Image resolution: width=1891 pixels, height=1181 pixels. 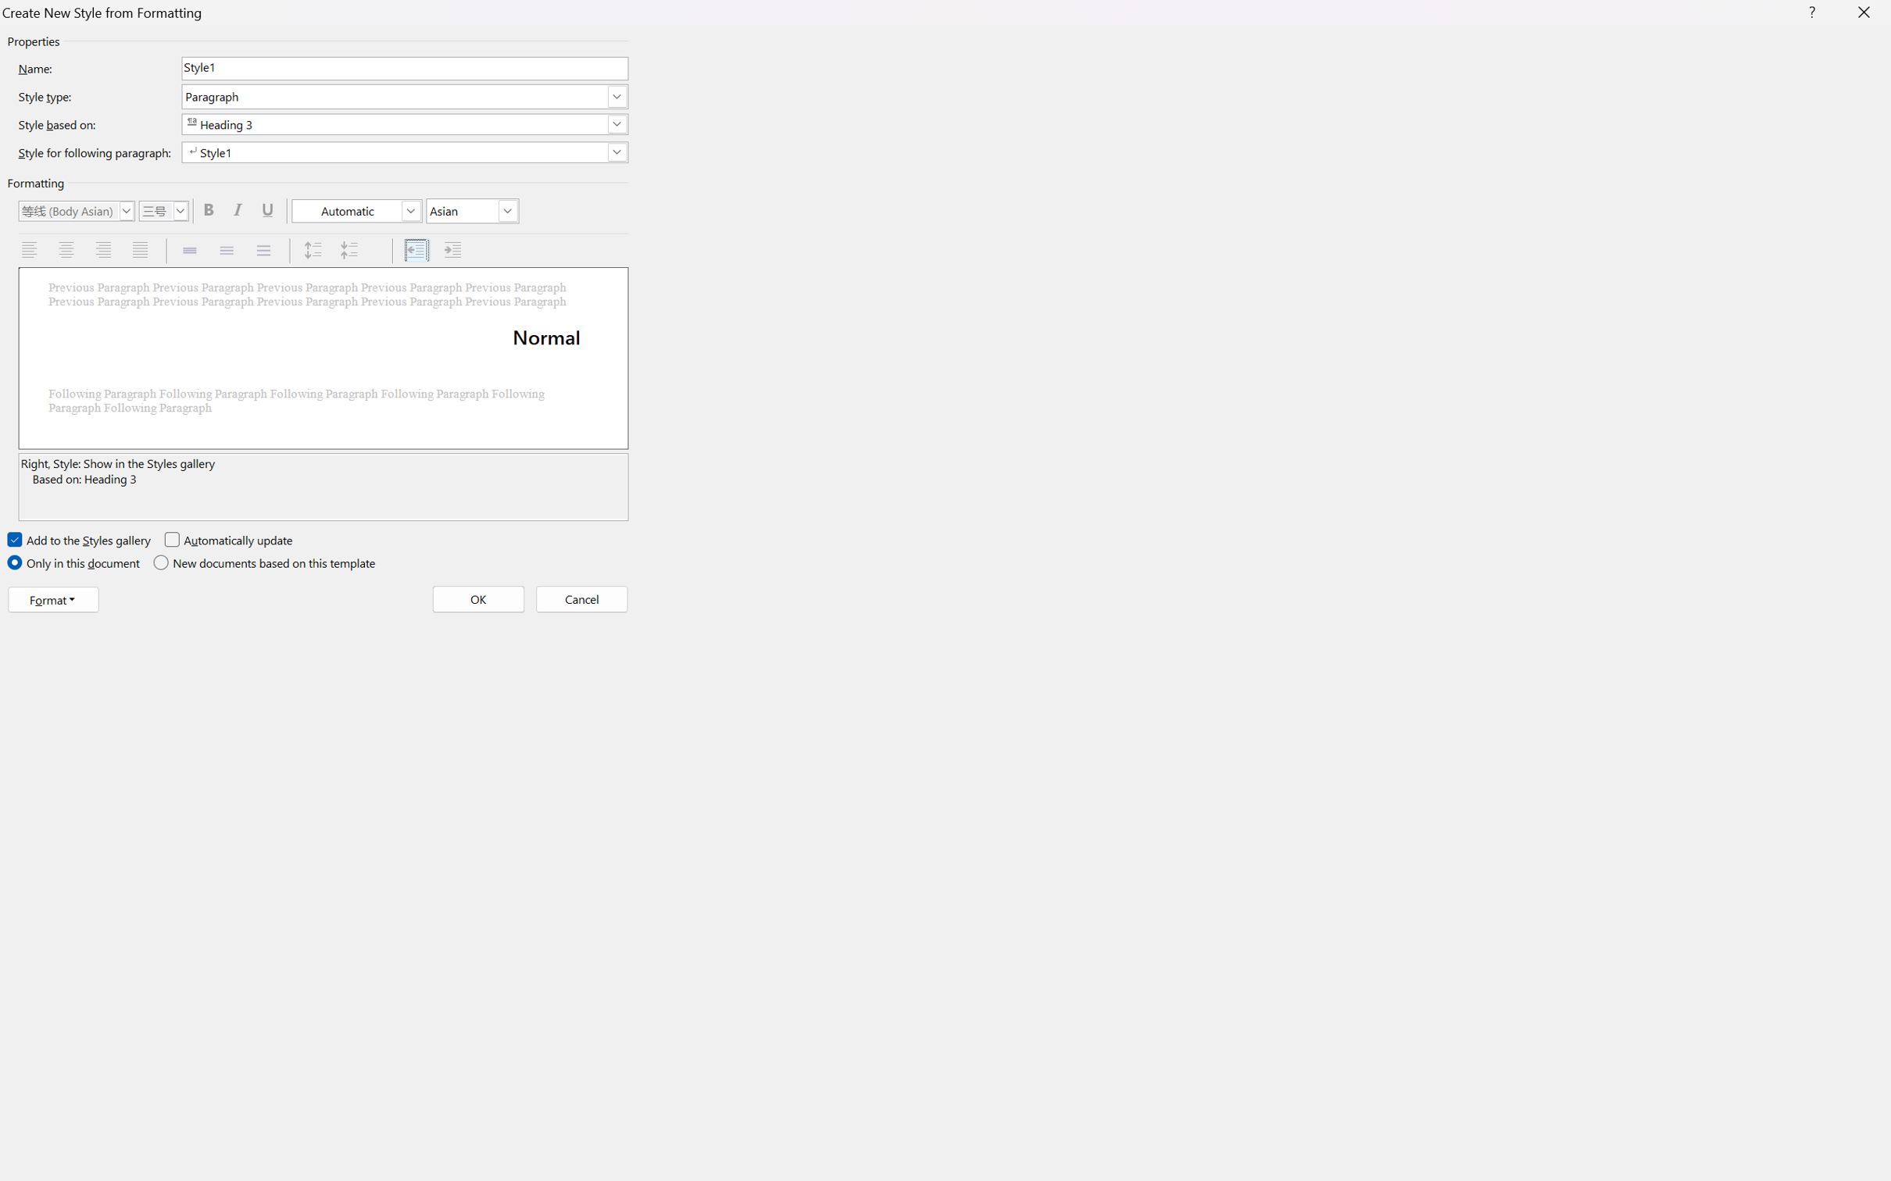 I want to click on 'Bold', so click(x=209, y=209).